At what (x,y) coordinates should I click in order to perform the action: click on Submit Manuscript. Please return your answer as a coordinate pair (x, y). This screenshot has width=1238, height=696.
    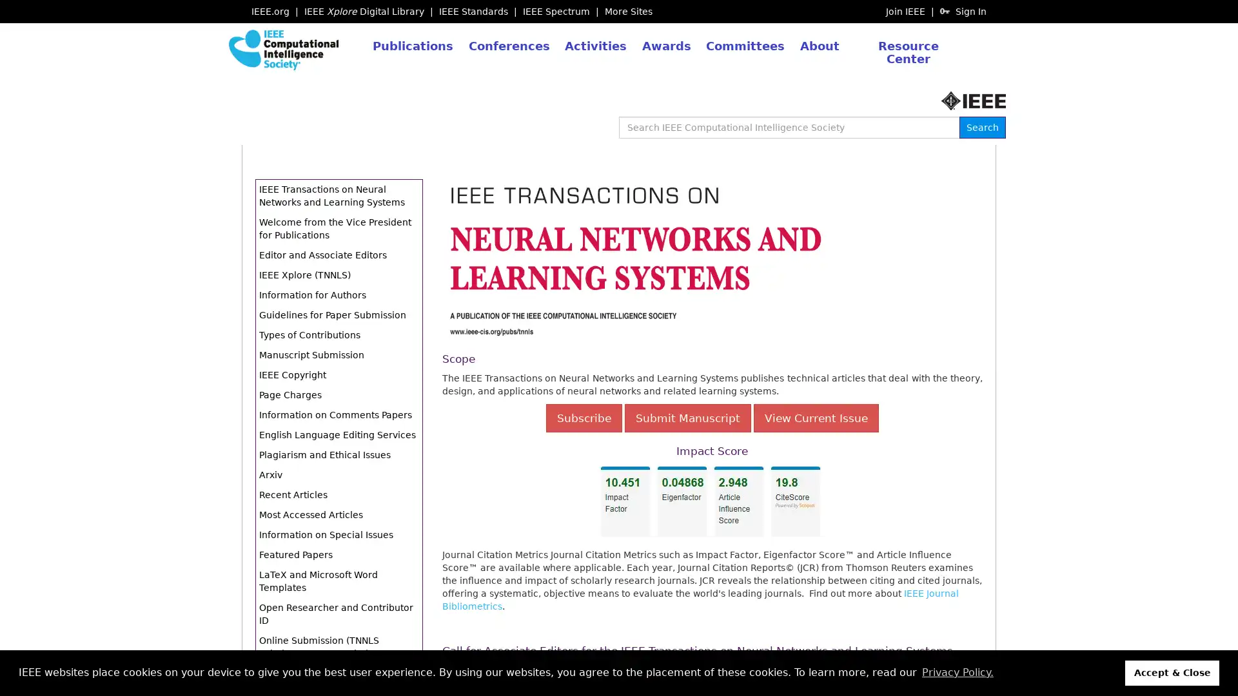
    Looking at the image, I should click on (686, 418).